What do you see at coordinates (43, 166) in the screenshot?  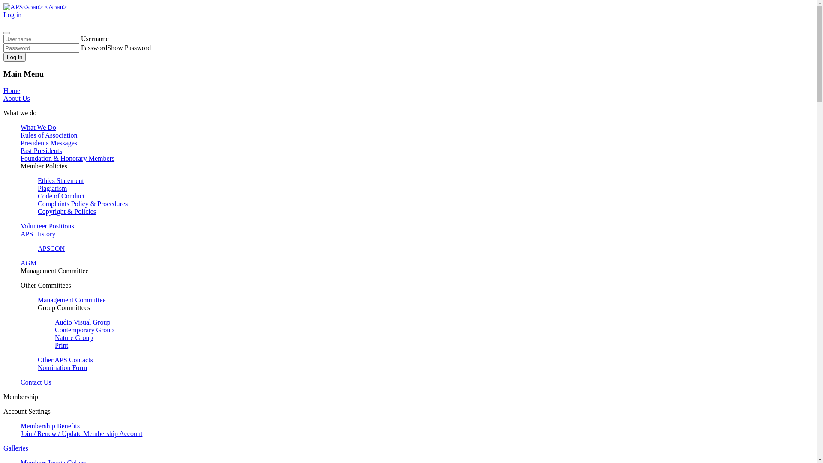 I see `'Member Policies'` at bounding box center [43, 166].